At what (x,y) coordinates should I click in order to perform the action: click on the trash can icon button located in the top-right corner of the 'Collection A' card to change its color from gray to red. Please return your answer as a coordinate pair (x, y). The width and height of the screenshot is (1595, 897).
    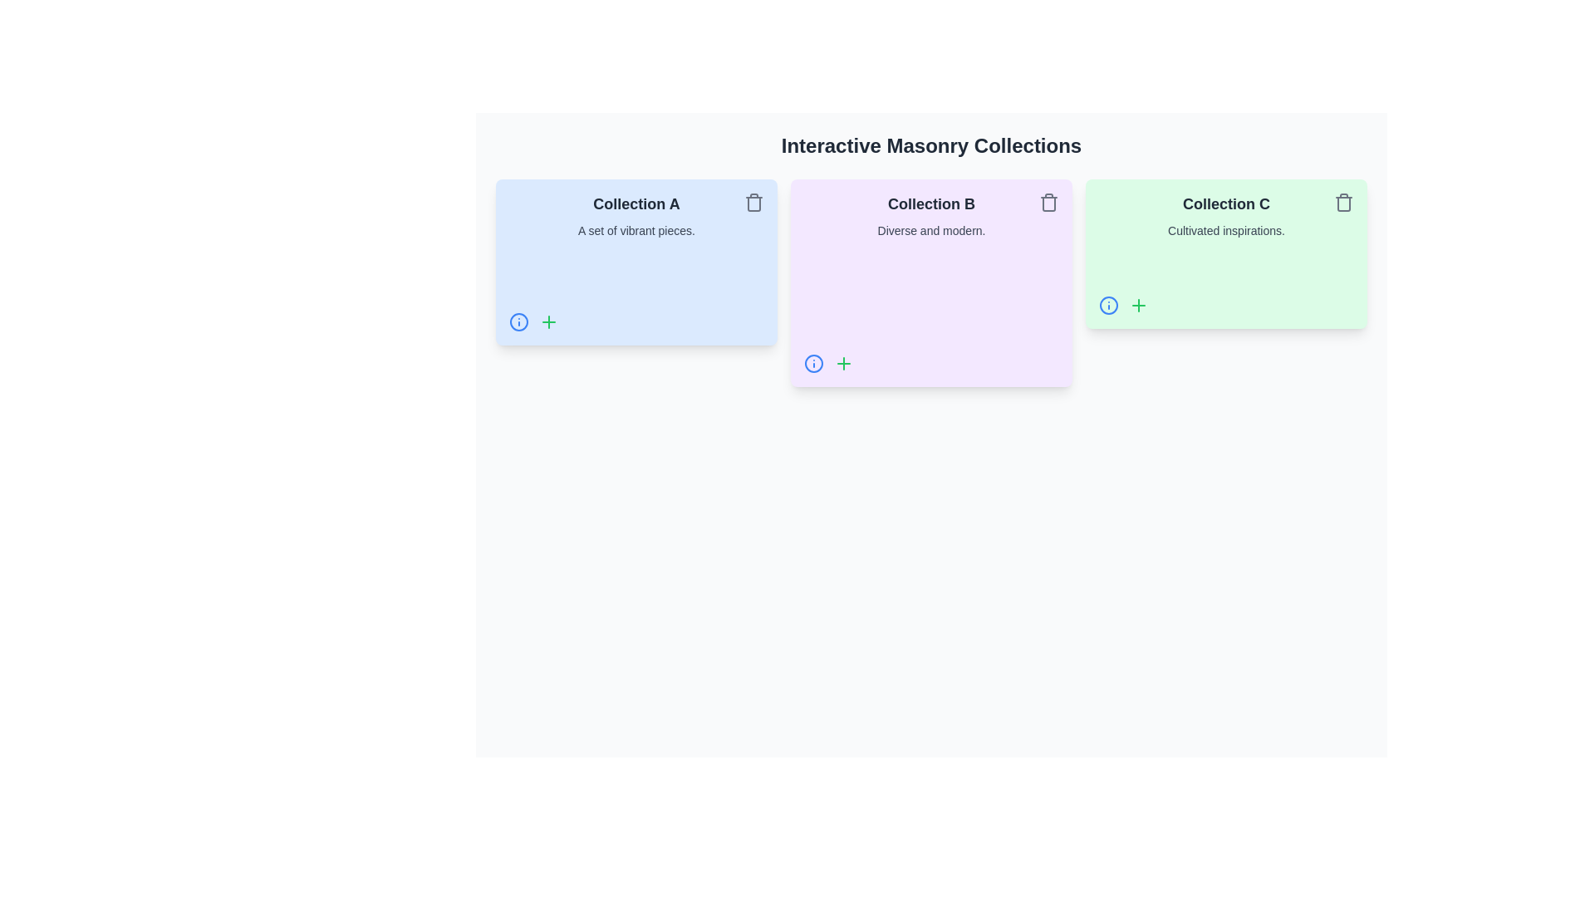
    Looking at the image, I should click on (753, 201).